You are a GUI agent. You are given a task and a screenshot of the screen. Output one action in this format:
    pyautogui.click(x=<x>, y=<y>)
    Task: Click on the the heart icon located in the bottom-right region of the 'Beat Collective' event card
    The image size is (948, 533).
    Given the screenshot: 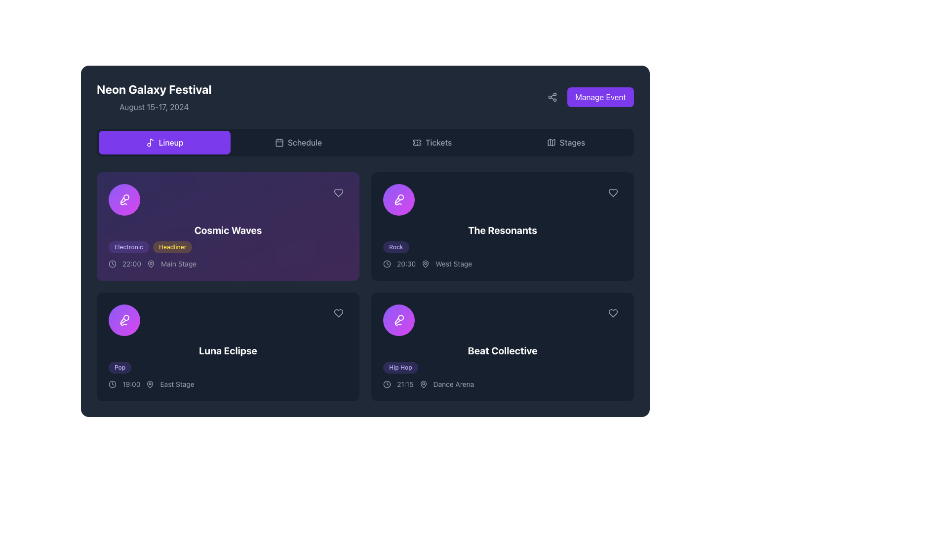 What is the action you would take?
    pyautogui.click(x=613, y=313)
    